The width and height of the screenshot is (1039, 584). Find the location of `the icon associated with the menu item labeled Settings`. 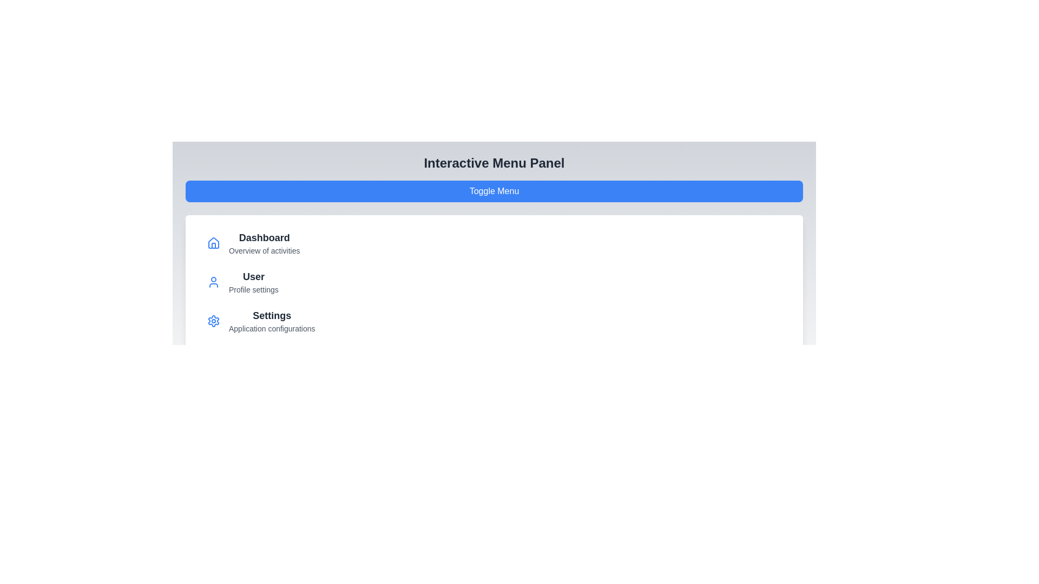

the icon associated with the menu item labeled Settings is located at coordinates (213, 321).